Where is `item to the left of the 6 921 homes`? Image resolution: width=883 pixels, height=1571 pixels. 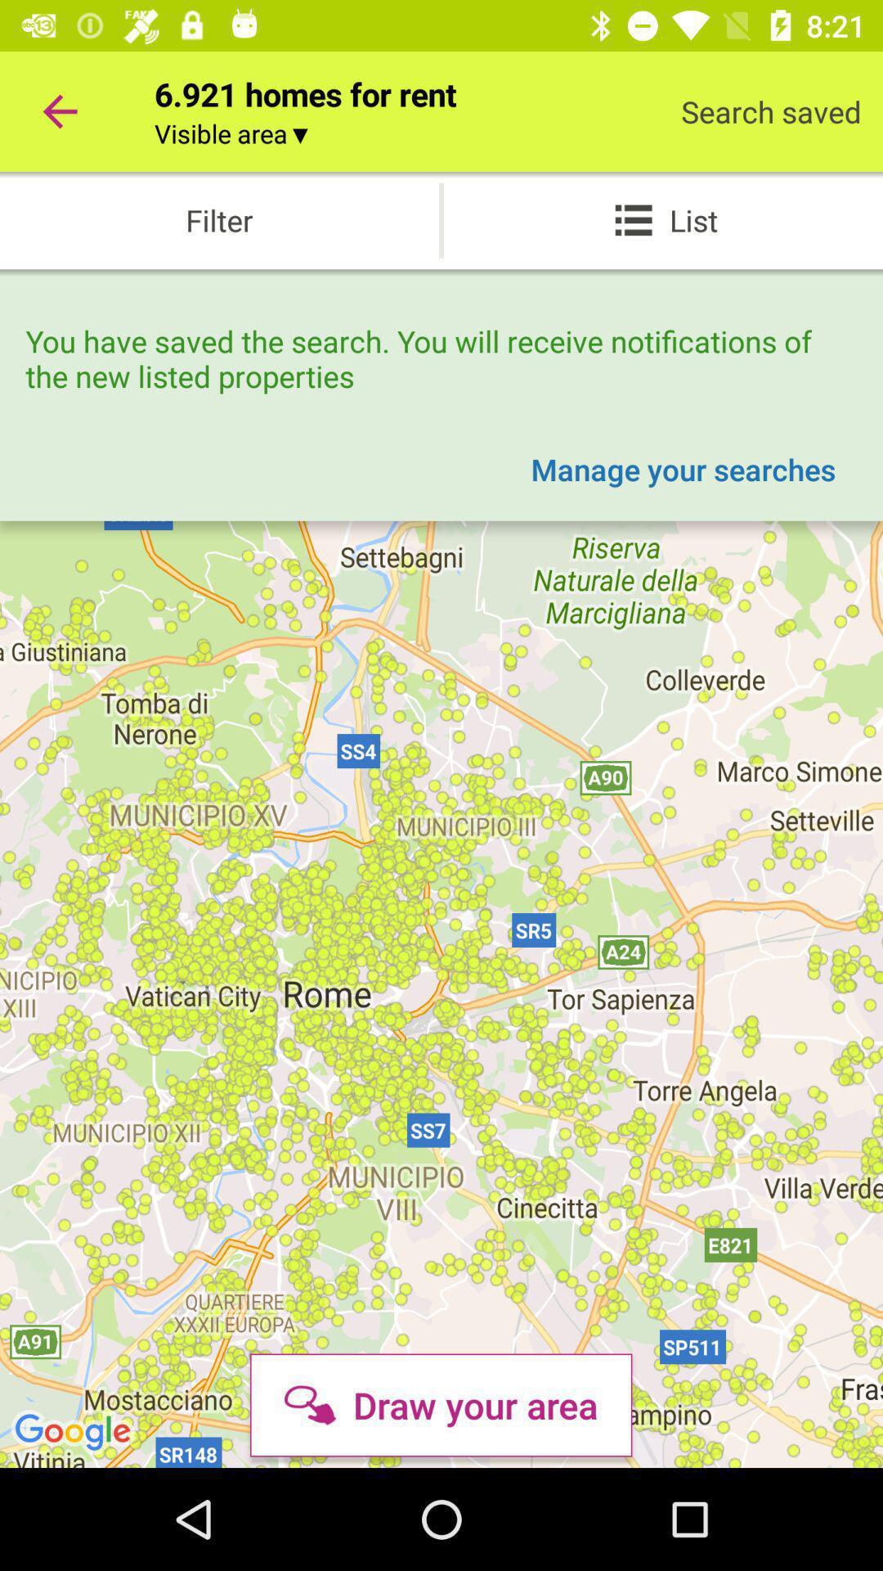 item to the left of the 6 921 homes is located at coordinates (59, 110).